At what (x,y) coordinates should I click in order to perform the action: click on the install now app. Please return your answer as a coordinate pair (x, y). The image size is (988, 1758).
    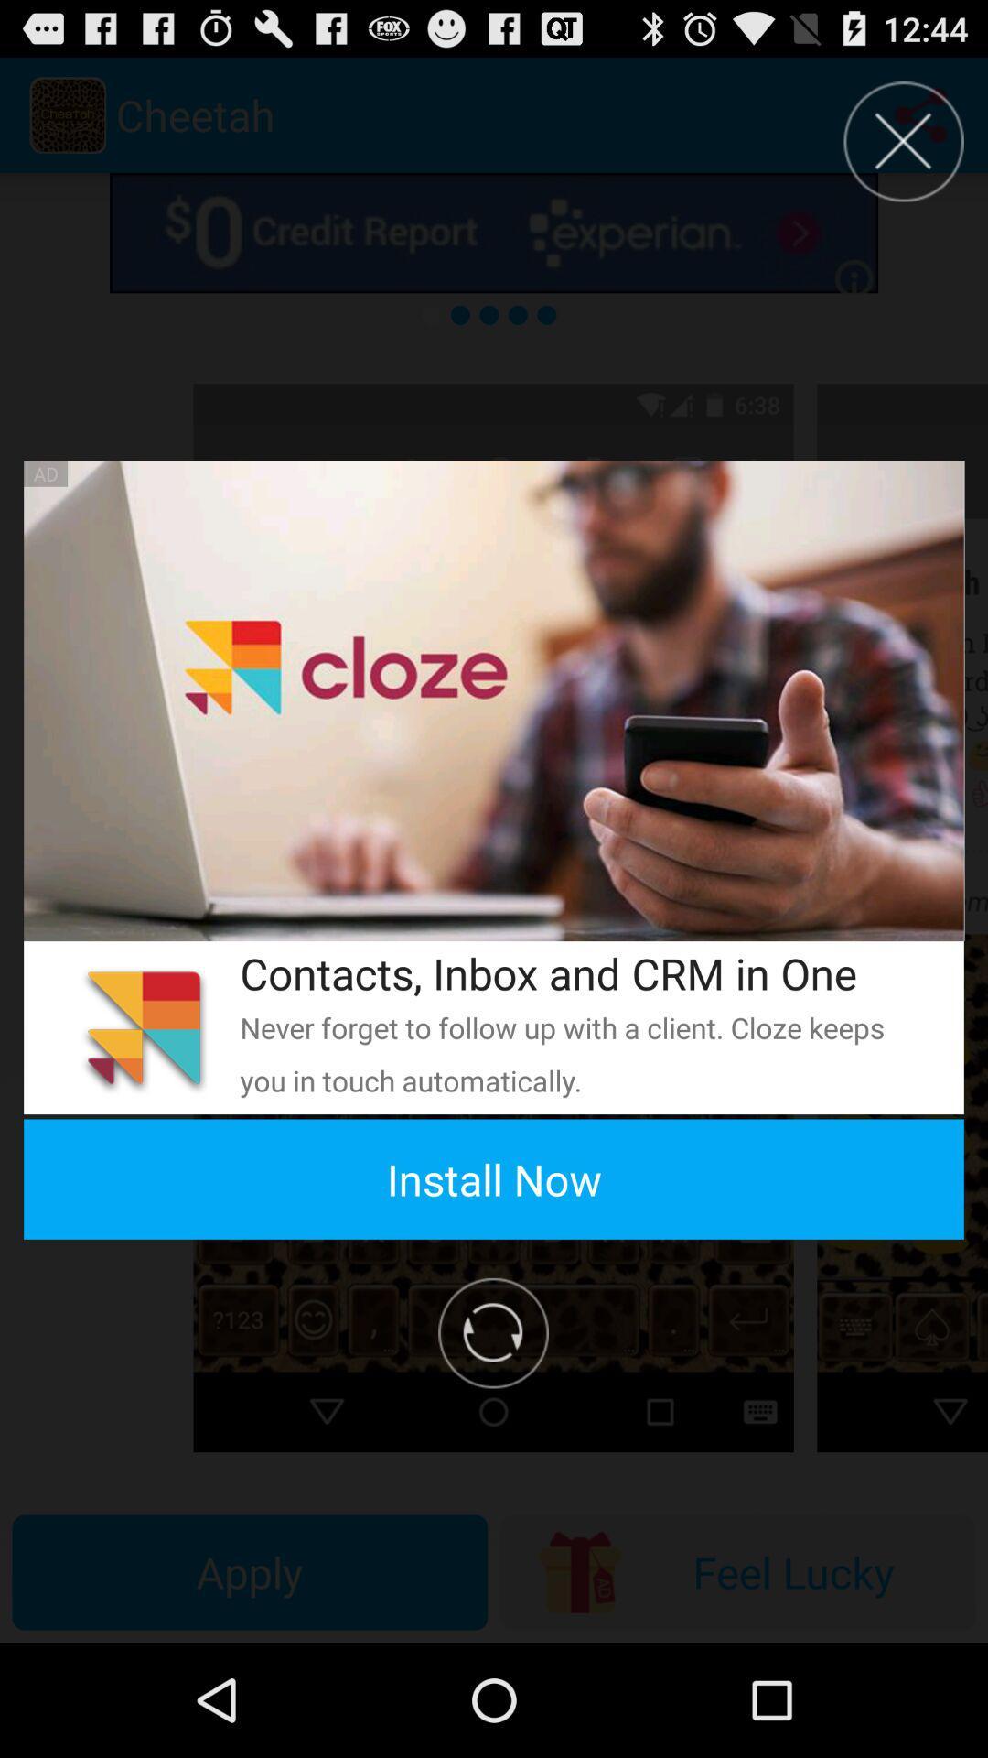
    Looking at the image, I should click on (494, 1179).